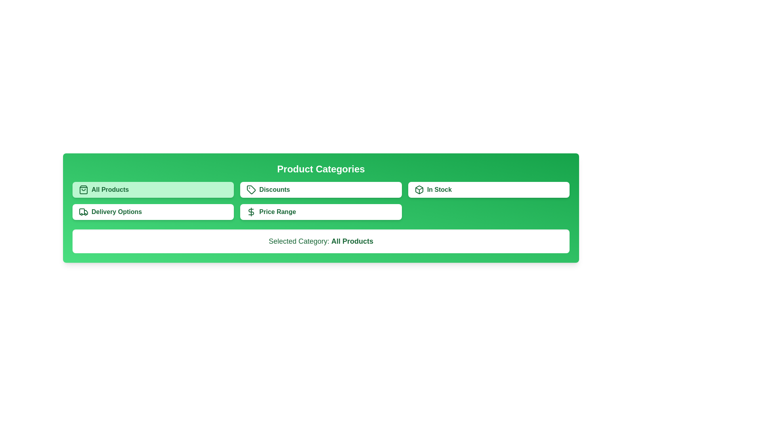 This screenshot has height=428, width=761. I want to click on the Discounts icon, which represents special offers and is located in the second column of category buttons, to the right of All Products and above Price Range, so click(251, 189).